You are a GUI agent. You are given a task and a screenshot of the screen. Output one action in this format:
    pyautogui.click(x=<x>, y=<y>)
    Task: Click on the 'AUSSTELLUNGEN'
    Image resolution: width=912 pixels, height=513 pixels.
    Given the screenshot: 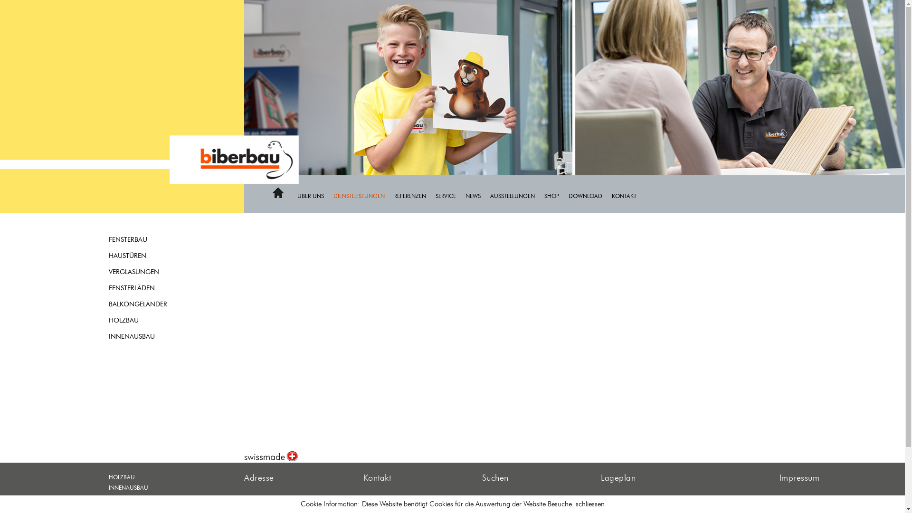 What is the action you would take?
    pyautogui.click(x=517, y=195)
    